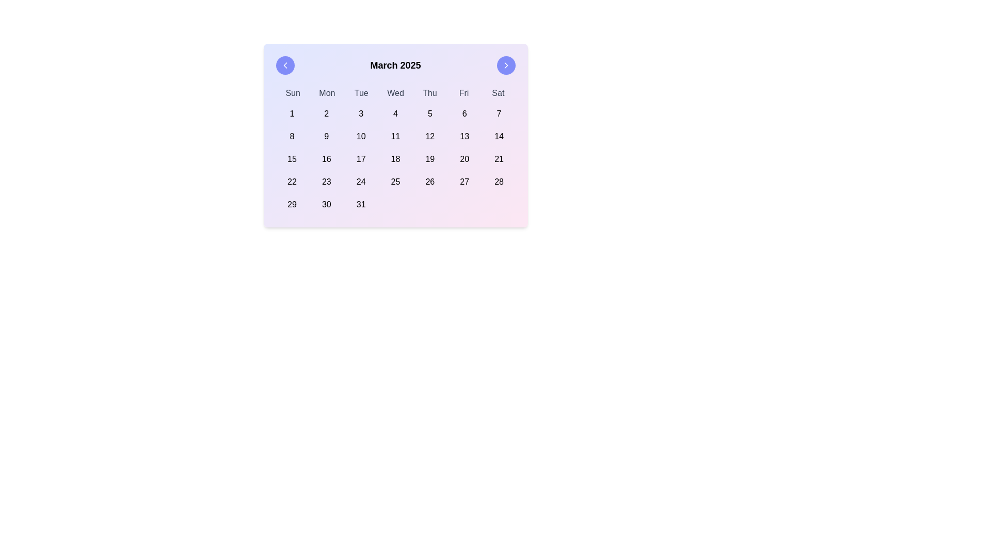  What do you see at coordinates (326, 205) in the screenshot?
I see `the Calendar date button displaying the number '30' to trigger the hover effect` at bounding box center [326, 205].